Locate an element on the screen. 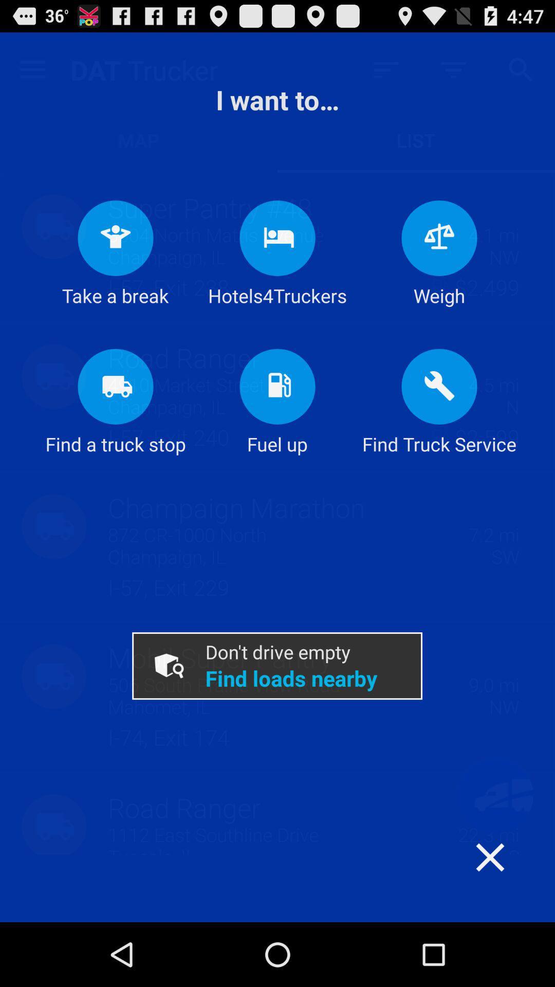 This screenshot has height=987, width=555. the close icon is located at coordinates (510, 939).